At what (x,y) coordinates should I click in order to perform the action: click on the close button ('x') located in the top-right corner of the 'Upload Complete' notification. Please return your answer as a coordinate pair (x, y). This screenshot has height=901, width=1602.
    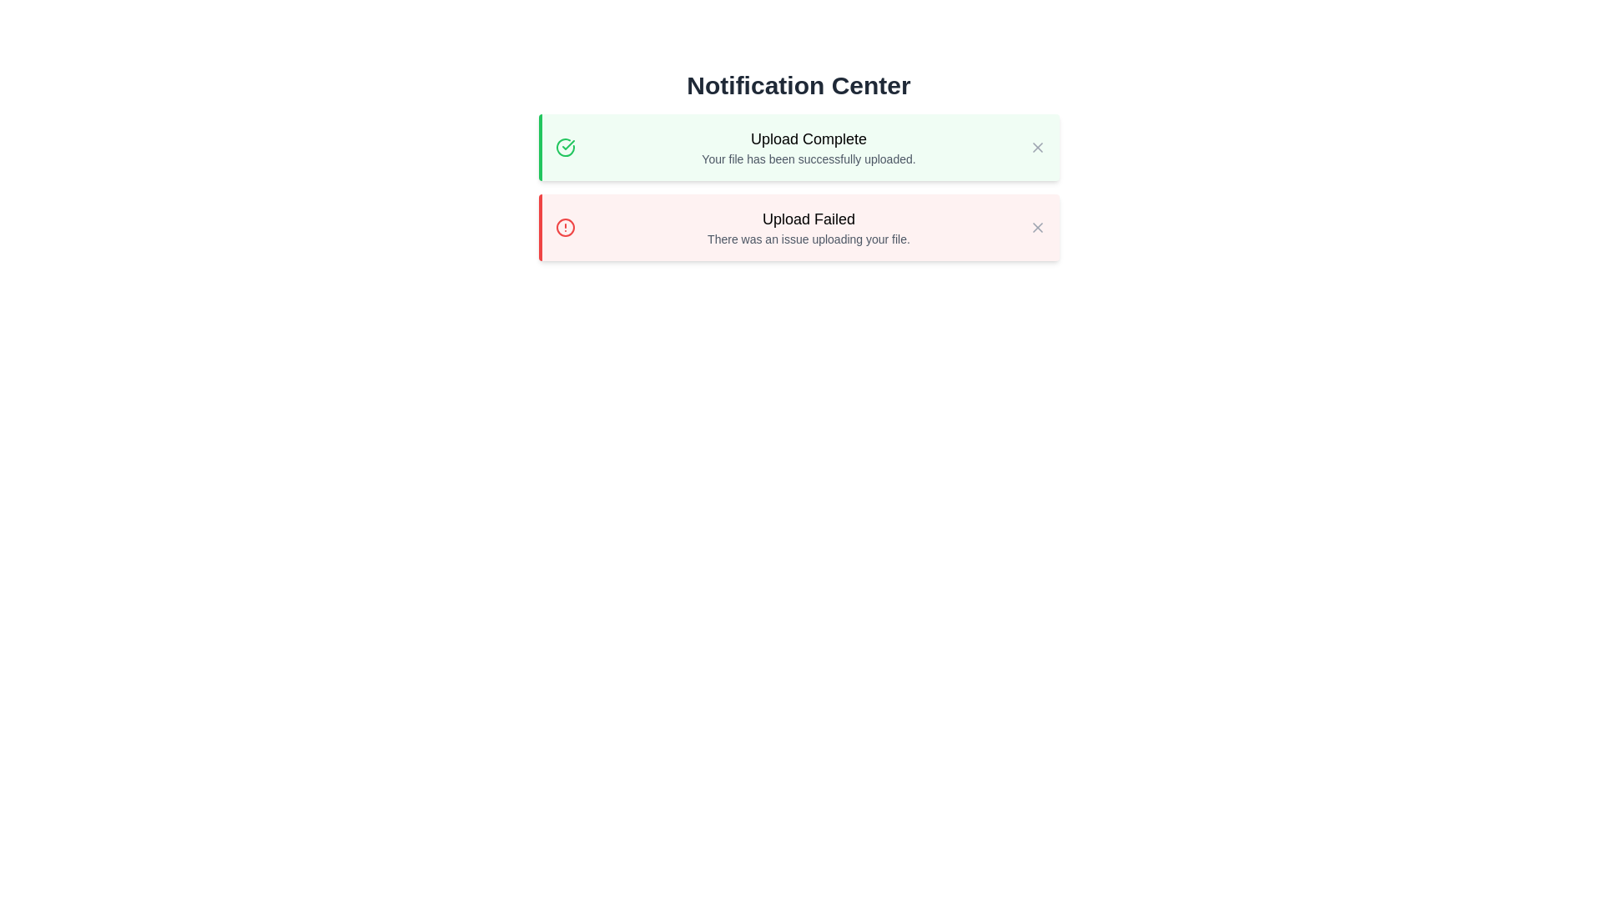
    Looking at the image, I should click on (1036, 147).